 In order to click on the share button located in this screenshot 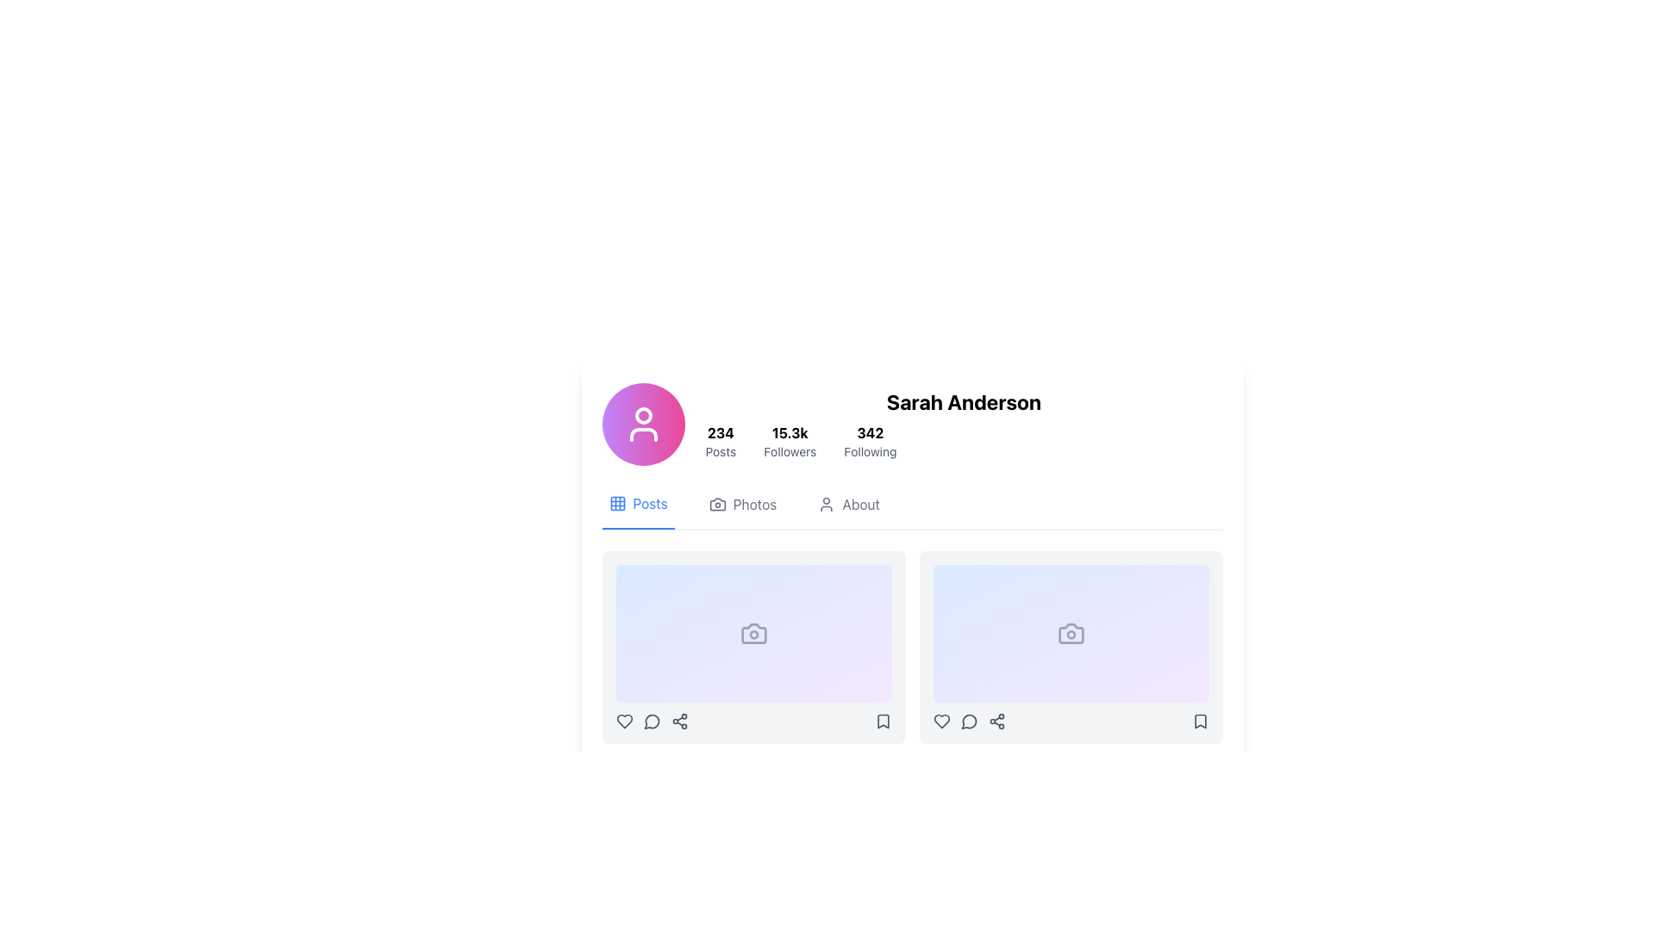, I will do `click(996, 721)`.